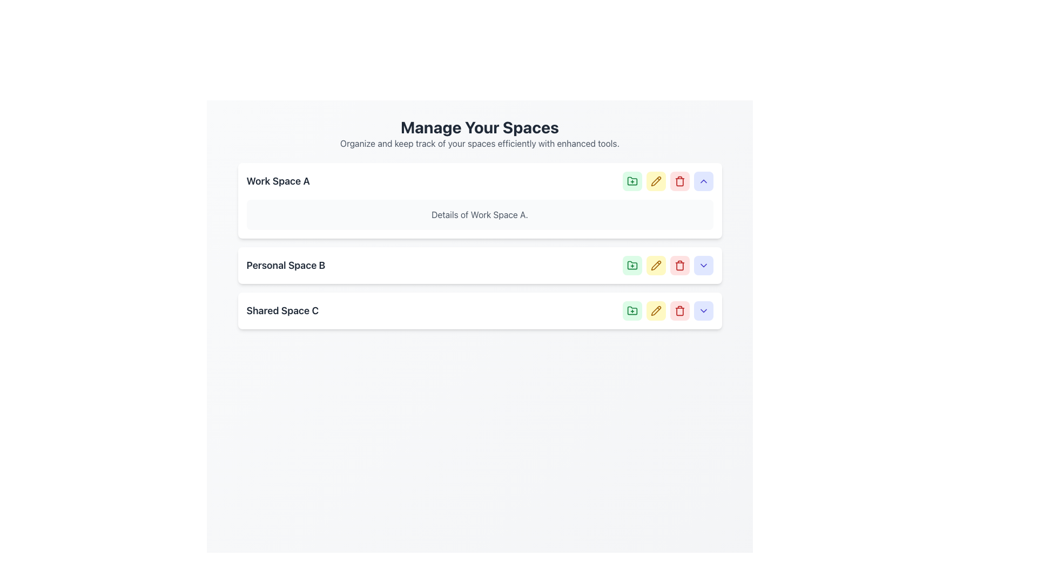  Describe the element at coordinates (632, 265) in the screenshot. I see `the green folder icon with a '+' symbol, which is the first action icon in the third row of the space list next to 'Shared Space C'` at that location.